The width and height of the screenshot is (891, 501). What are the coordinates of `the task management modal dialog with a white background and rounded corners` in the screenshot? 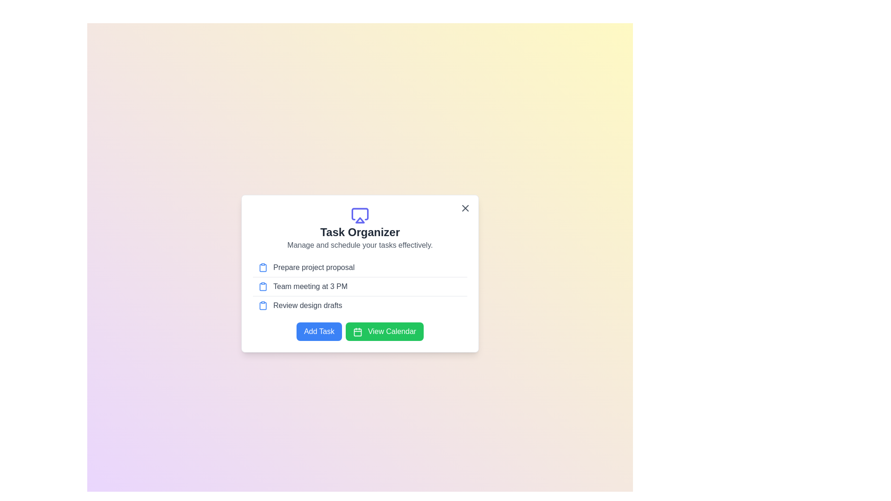 It's located at (360, 273).